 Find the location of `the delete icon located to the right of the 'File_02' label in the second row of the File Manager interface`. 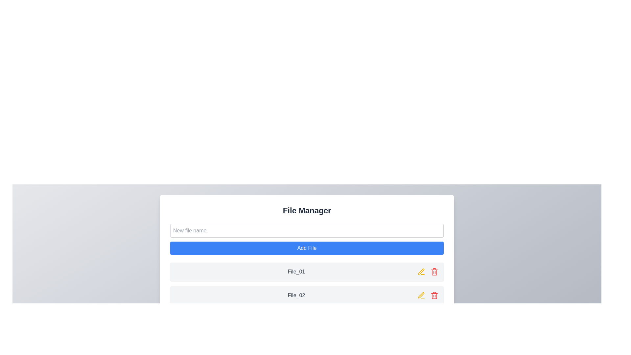

the delete icon located to the right of the 'File_02' label in the second row of the File Manager interface is located at coordinates (434, 272).